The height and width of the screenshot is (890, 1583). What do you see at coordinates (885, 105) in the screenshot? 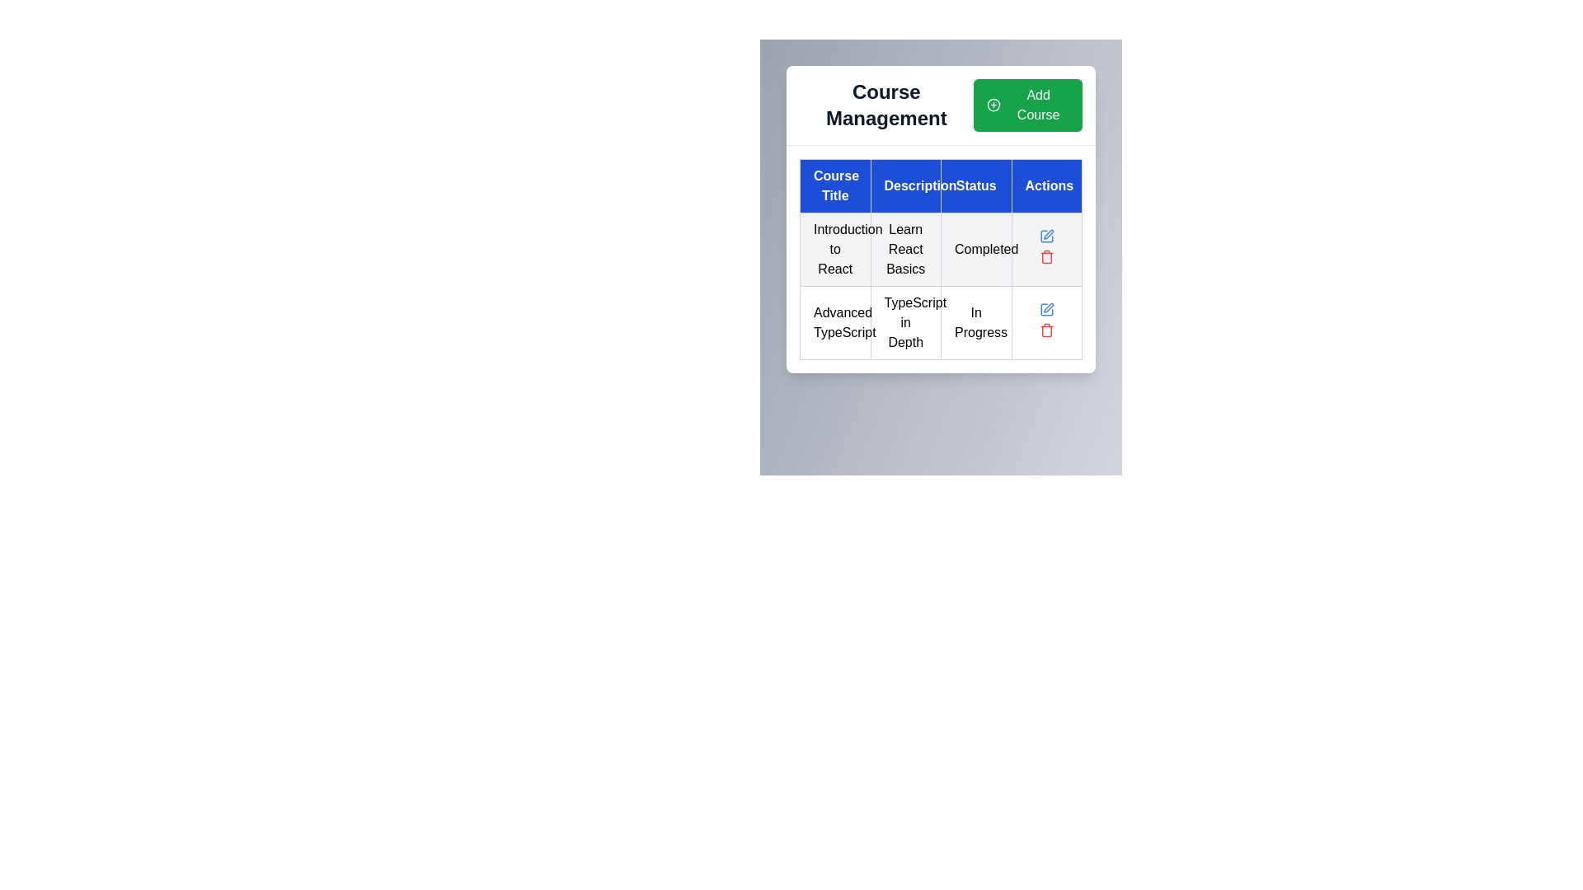
I see `the static text label that serves as the header title for the course management section, located to the left of the green 'Add Course' button` at bounding box center [885, 105].